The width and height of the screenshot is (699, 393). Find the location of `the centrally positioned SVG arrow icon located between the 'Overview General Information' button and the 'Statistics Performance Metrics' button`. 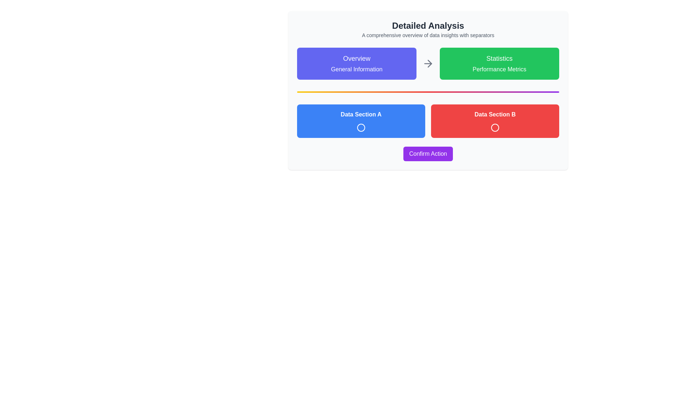

the centrally positioned SVG arrow icon located between the 'Overview General Information' button and the 'Statistics Performance Metrics' button is located at coordinates (428, 63).